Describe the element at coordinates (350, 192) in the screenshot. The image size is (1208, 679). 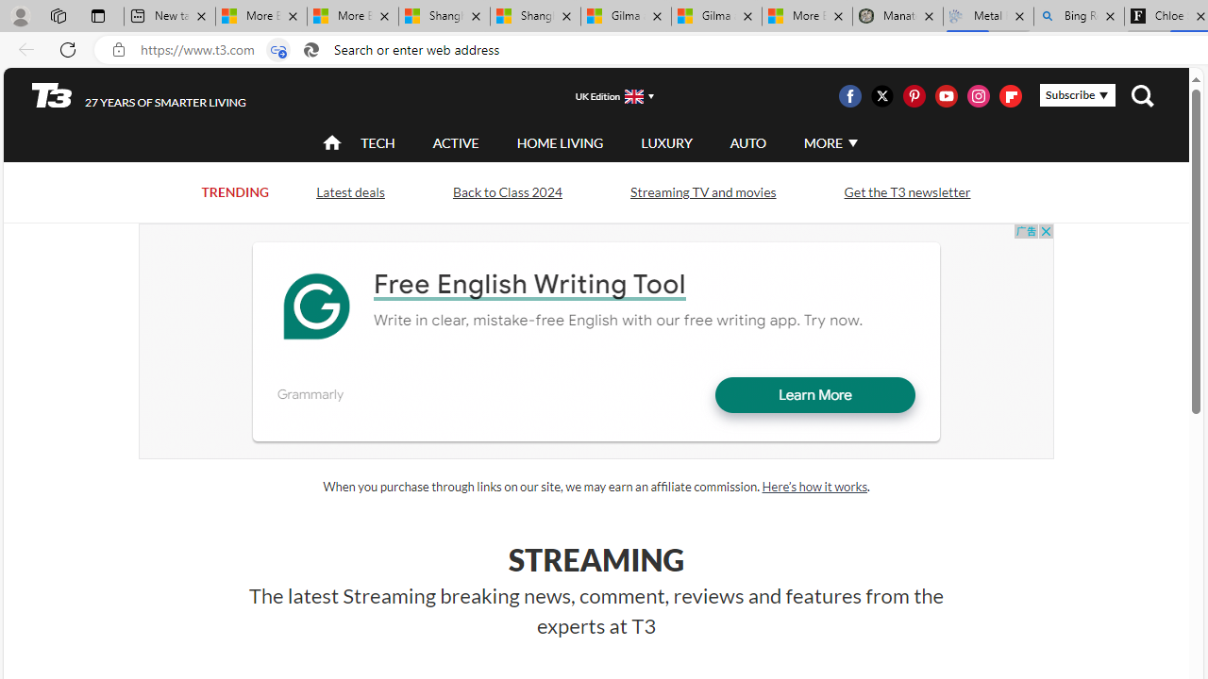
I see `'Latest deals'` at that location.